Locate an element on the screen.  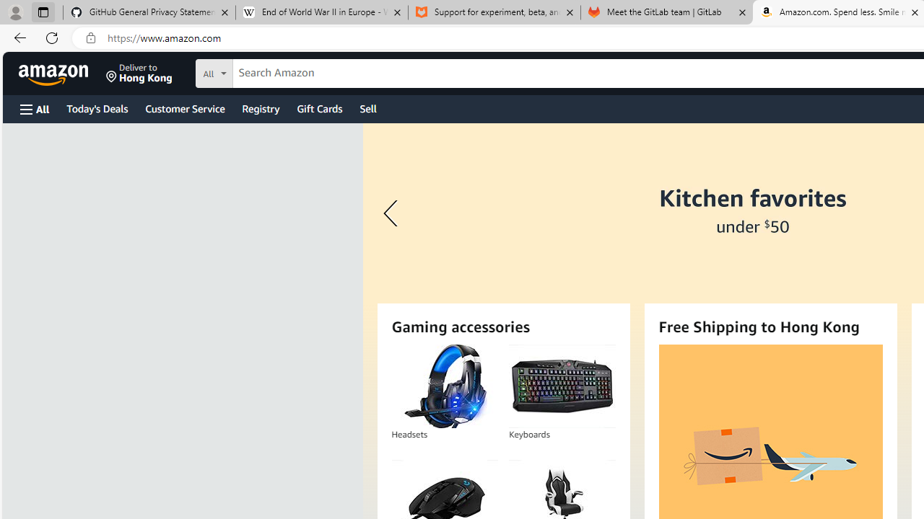
'Customer Service' is located at coordinates (184, 107).